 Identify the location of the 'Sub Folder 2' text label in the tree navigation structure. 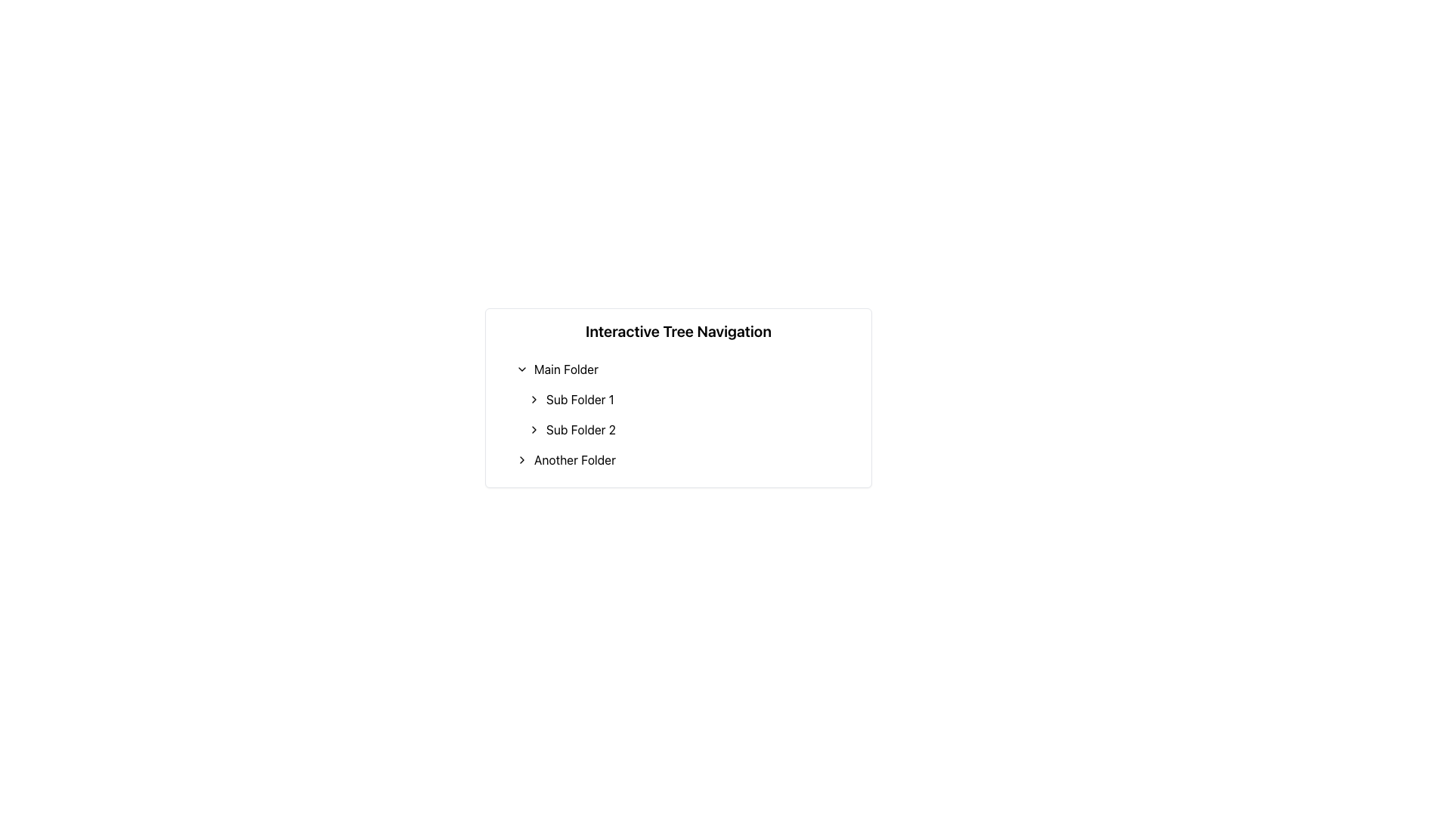
(580, 430).